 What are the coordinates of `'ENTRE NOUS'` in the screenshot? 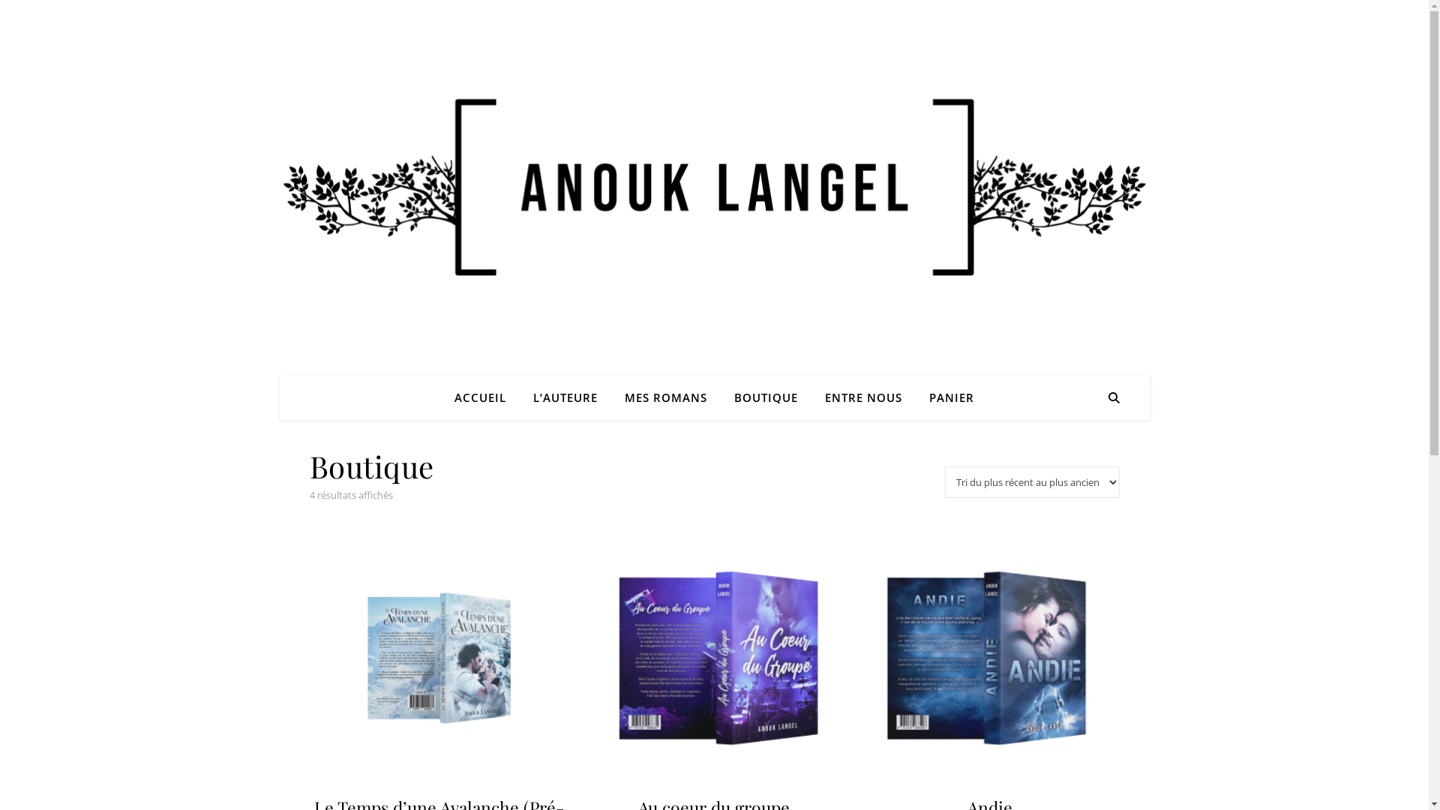 It's located at (812, 396).